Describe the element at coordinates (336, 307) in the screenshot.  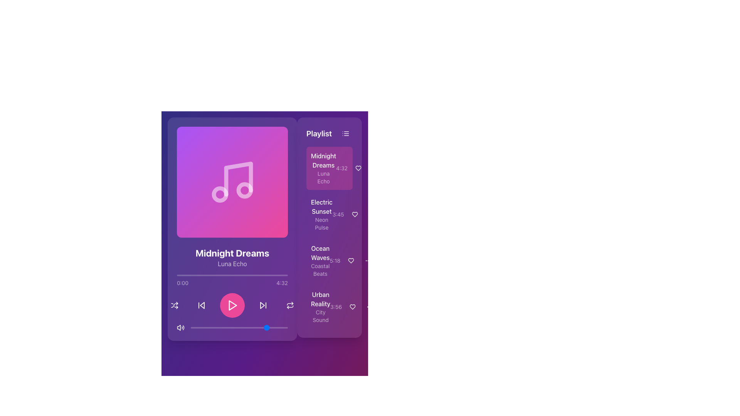
I see `the static text displaying '3:56', which is located in the lower-right section of the interface under the 'Playlist' section, adjacent to 'Urban Reality'` at that location.